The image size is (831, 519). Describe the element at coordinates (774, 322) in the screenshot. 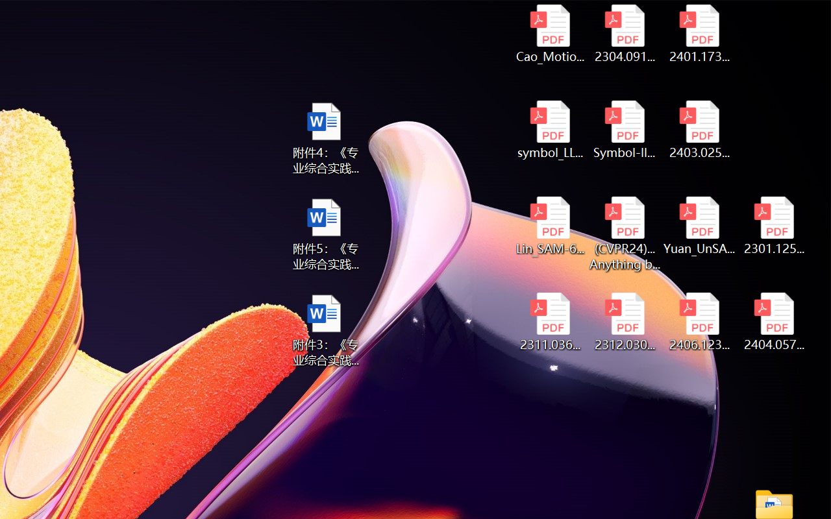

I see `'2404.05719v1.pdf'` at that location.